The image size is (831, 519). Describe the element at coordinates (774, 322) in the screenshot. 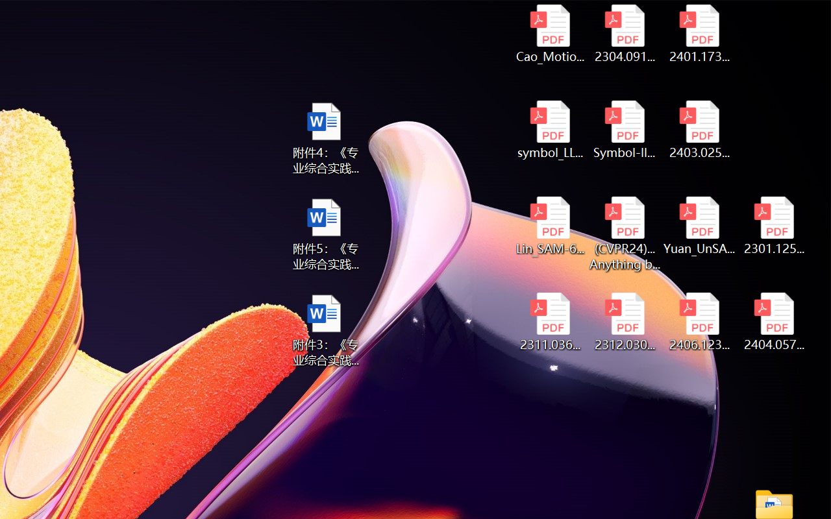

I see `'2404.05719v1.pdf'` at that location.